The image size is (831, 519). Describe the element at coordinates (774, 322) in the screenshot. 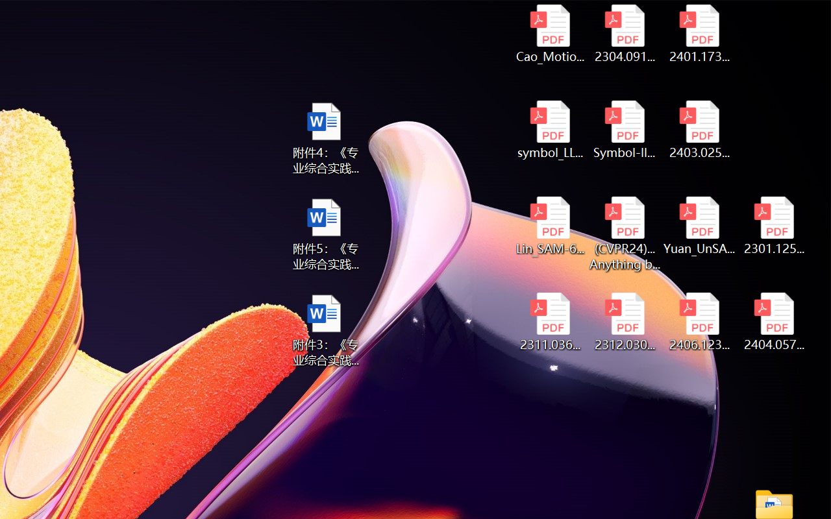

I see `'2404.05719v1.pdf'` at that location.